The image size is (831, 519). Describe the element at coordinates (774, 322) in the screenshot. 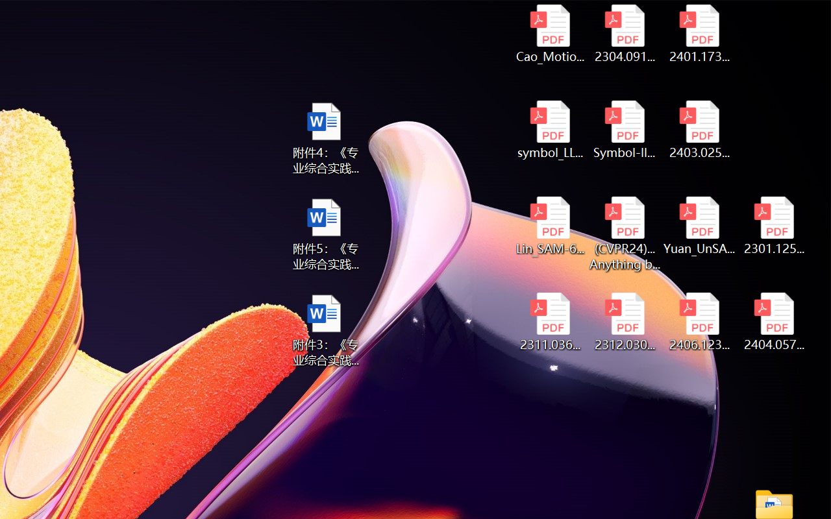

I see `'2404.05719v1.pdf'` at that location.